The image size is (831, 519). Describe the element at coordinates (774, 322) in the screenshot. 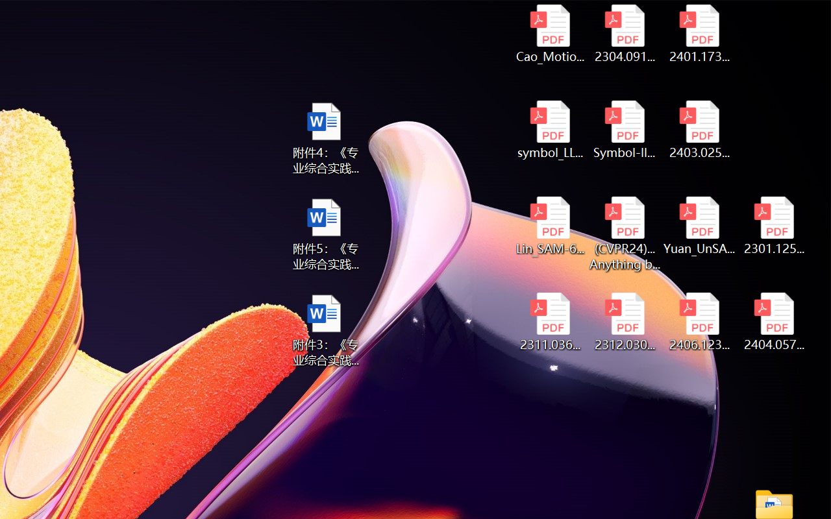

I see `'2404.05719v1.pdf'` at that location.